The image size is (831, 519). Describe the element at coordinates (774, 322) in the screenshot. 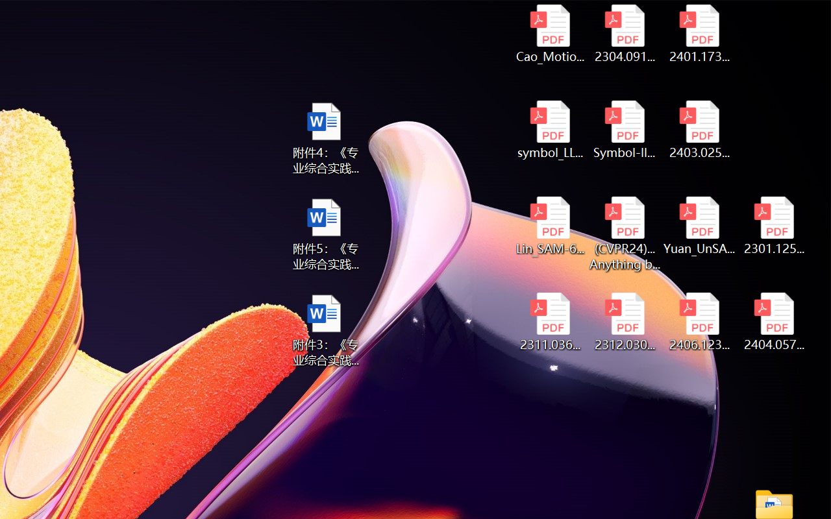

I see `'2404.05719v1.pdf'` at that location.